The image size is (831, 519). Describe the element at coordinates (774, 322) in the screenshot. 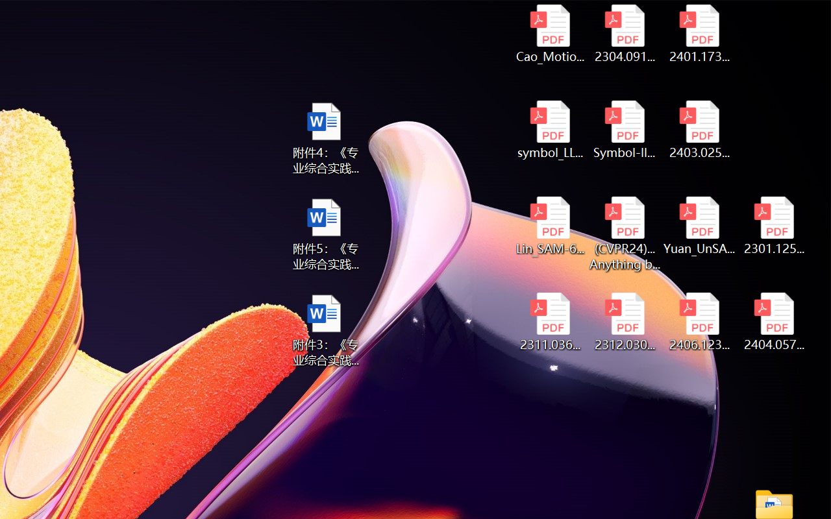

I see `'2404.05719v1.pdf'` at that location.